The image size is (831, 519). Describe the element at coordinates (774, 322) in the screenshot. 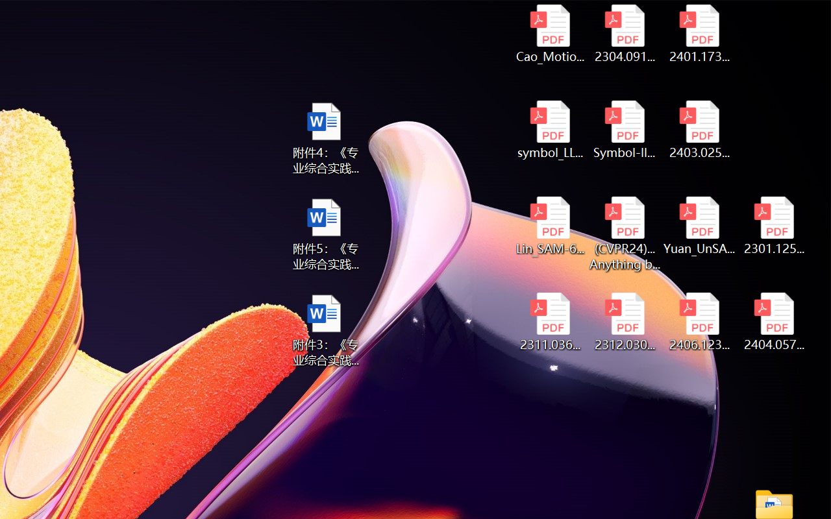

I see `'2404.05719v1.pdf'` at that location.